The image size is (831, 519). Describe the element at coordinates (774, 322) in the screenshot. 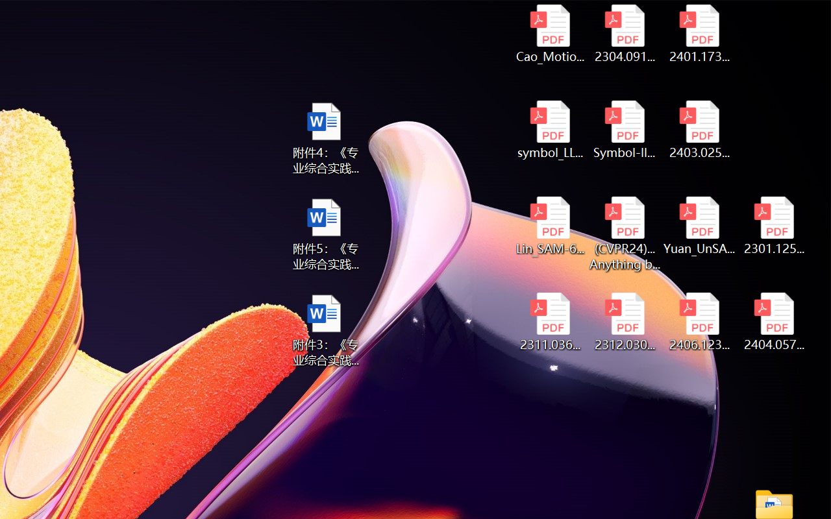

I see `'2404.05719v1.pdf'` at that location.